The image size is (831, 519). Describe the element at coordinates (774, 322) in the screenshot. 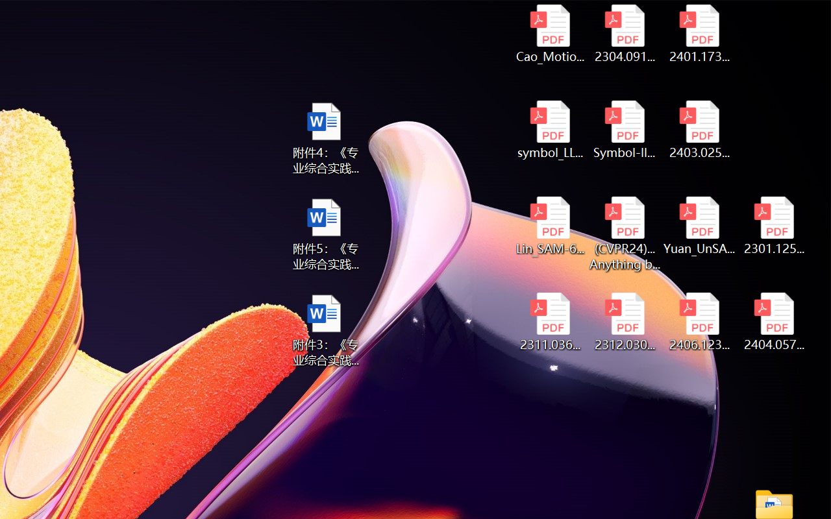

I see `'2404.05719v1.pdf'` at that location.